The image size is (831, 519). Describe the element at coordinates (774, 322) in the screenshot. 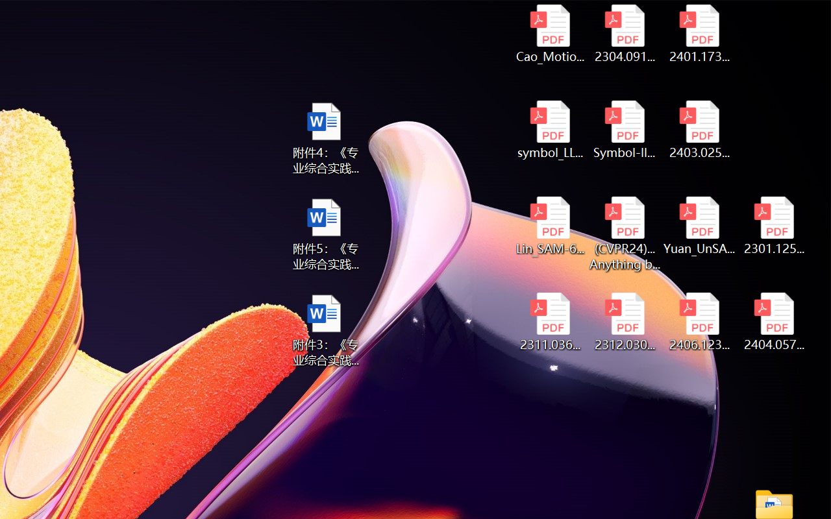

I see `'2404.05719v1.pdf'` at that location.